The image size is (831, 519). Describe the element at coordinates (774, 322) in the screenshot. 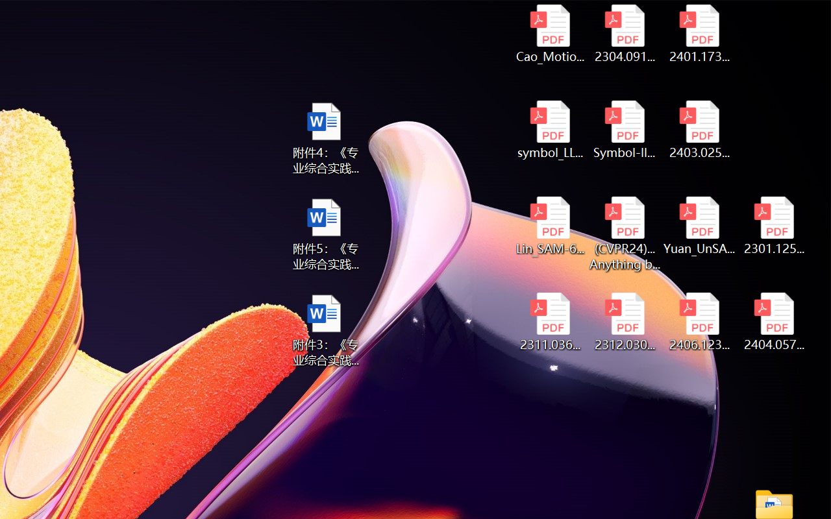

I see `'2404.05719v1.pdf'` at that location.